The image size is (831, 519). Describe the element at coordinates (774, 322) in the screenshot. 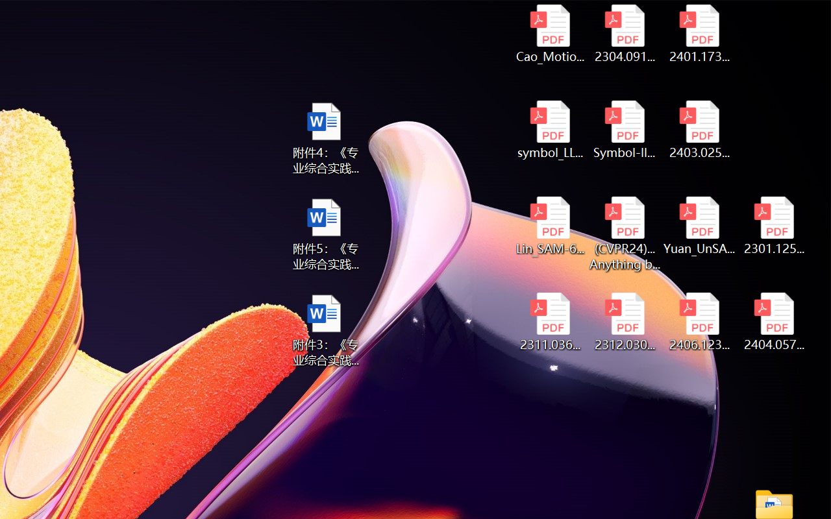

I see `'2404.05719v1.pdf'` at that location.